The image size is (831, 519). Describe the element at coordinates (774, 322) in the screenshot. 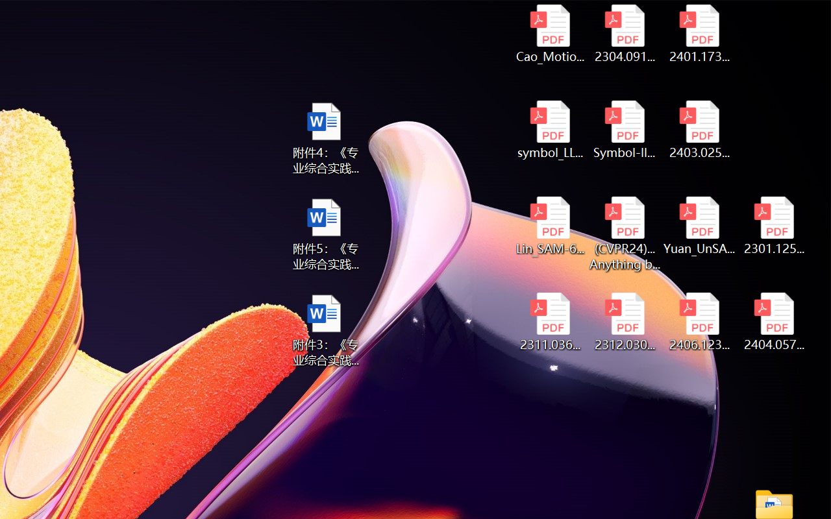

I see `'2404.05719v1.pdf'` at that location.